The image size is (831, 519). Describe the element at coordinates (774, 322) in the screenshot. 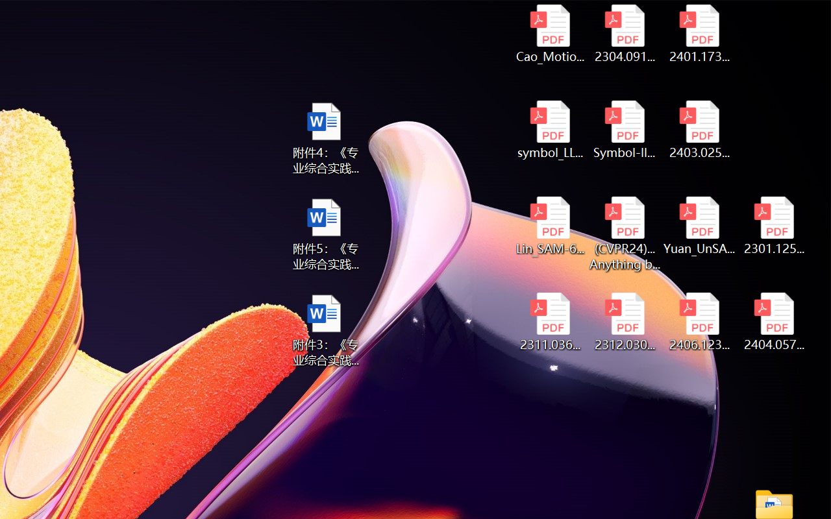

I see `'2404.05719v1.pdf'` at that location.